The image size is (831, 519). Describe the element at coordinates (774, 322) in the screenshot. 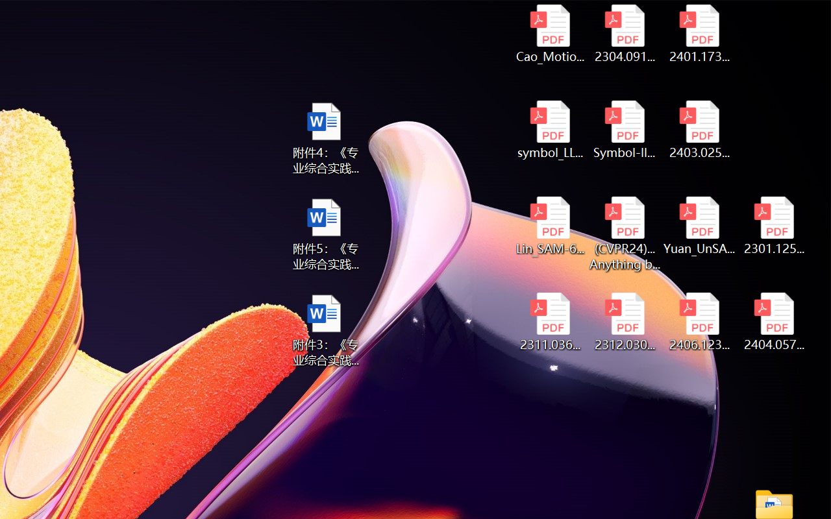

I see `'2404.05719v1.pdf'` at that location.